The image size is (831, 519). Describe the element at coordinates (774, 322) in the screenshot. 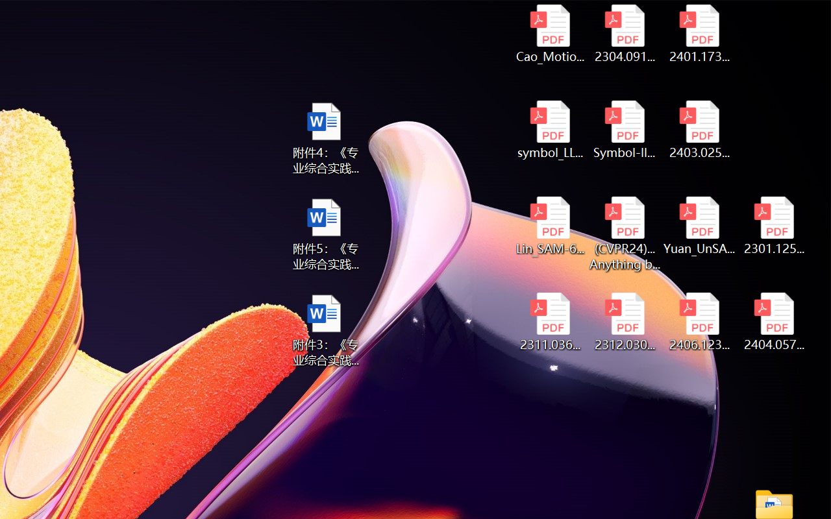

I see `'2404.05719v1.pdf'` at that location.